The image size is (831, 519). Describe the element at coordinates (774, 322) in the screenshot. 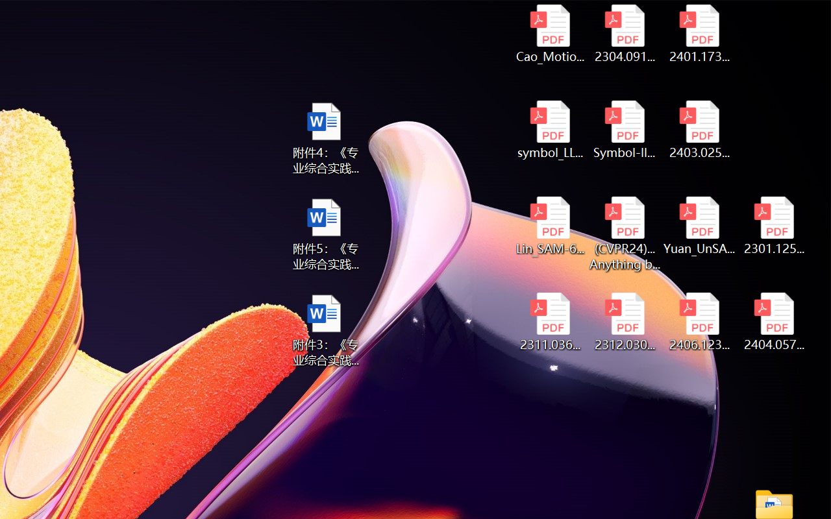

I see `'2404.05719v1.pdf'` at that location.